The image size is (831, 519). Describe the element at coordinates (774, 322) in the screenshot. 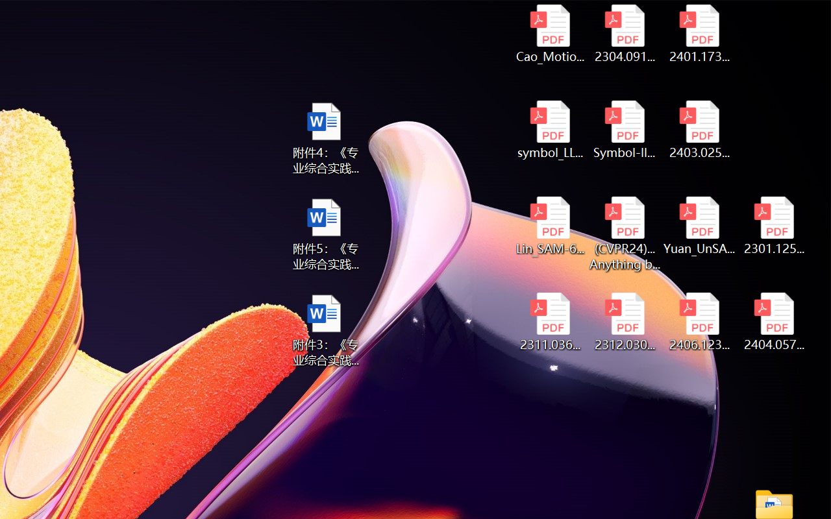

I see `'2404.05719v1.pdf'` at that location.